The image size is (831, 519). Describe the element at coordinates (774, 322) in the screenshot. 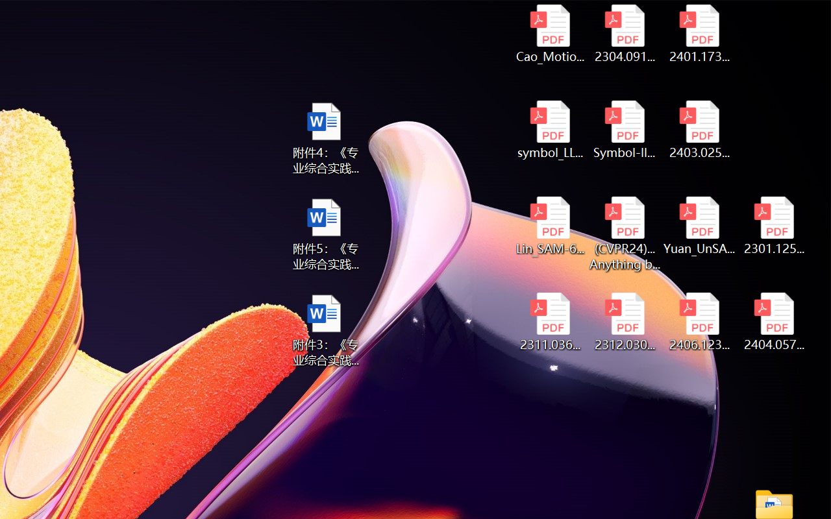

I see `'2404.05719v1.pdf'` at that location.